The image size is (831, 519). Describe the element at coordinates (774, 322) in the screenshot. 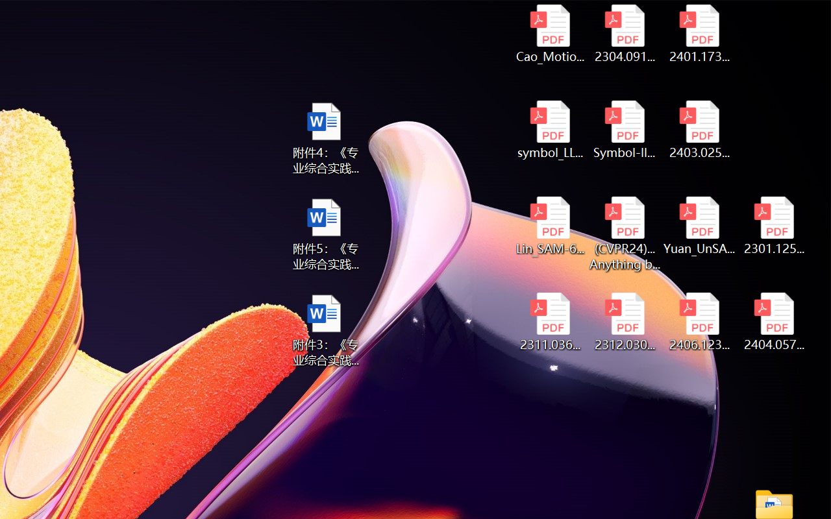

I see `'2404.05719v1.pdf'` at that location.